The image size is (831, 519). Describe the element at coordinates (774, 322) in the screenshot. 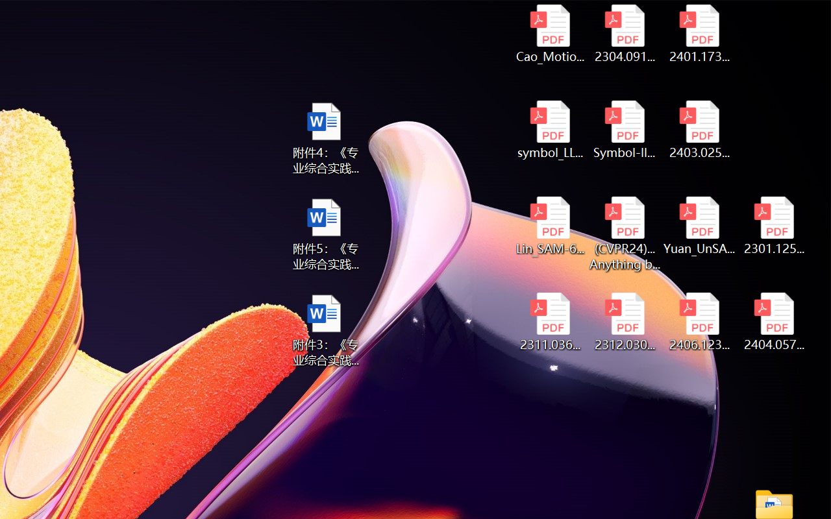

I see `'2404.05719v1.pdf'` at that location.